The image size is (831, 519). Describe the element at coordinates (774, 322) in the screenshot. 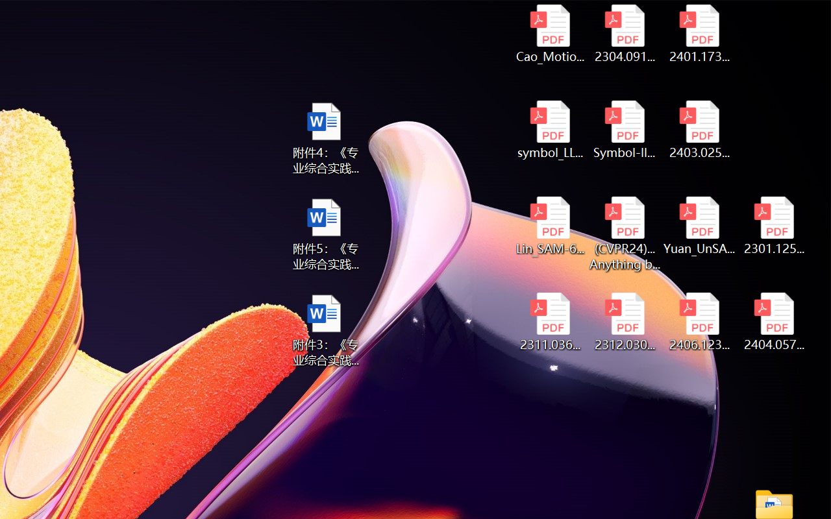

I see `'2404.05719v1.pdf'` at that location.